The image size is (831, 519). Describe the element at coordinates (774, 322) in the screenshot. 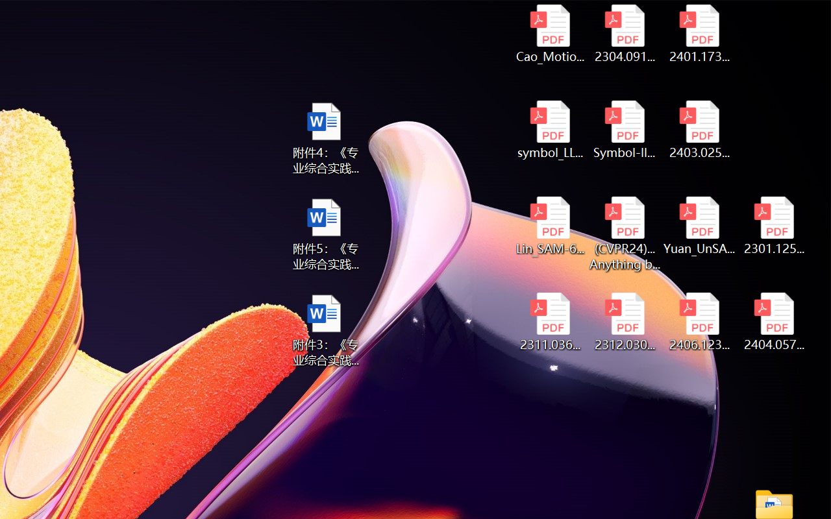

I see `'2404.05719v1.pdf'` at that location.